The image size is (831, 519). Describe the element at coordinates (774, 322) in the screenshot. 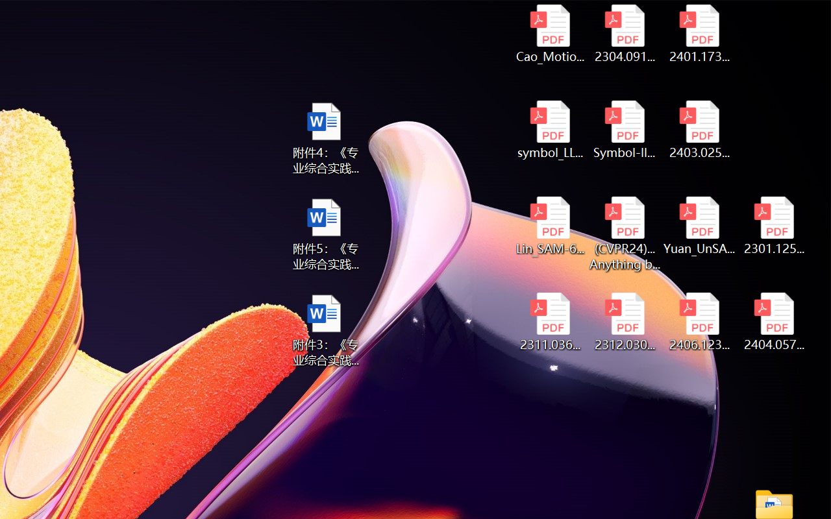

I see `'2404.05719v1.pdf'` at that location.